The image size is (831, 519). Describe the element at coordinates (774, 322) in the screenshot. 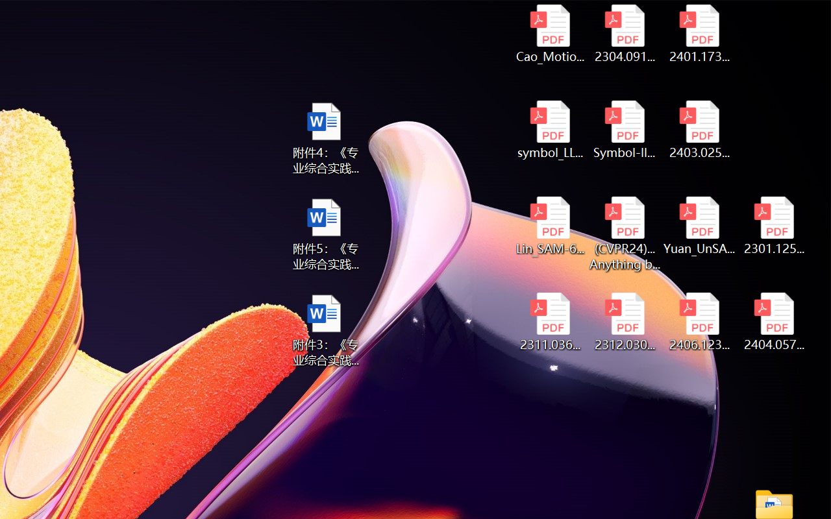

I see `'2404.05719v1.pdf'` at that location.